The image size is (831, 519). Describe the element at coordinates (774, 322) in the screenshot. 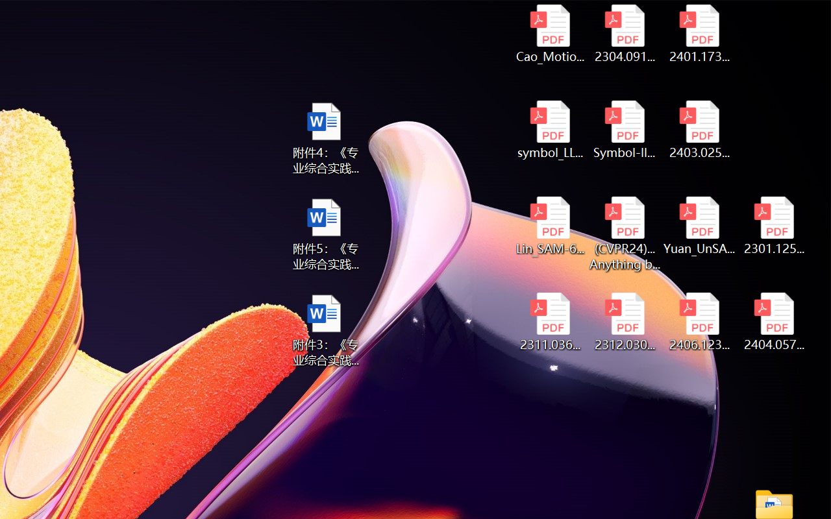

I see `'2404.05719v1.pdf'` at that location.